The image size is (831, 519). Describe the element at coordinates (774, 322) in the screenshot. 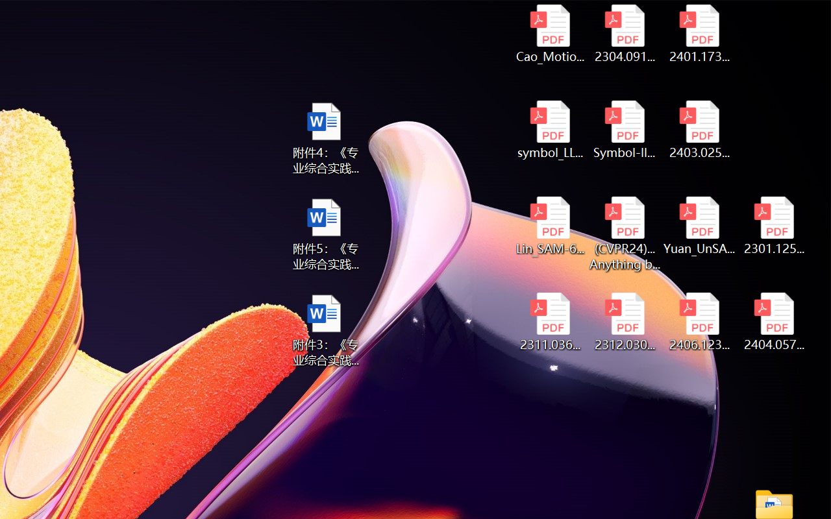

I see `'2404.05719v1.pdf'` at that location.